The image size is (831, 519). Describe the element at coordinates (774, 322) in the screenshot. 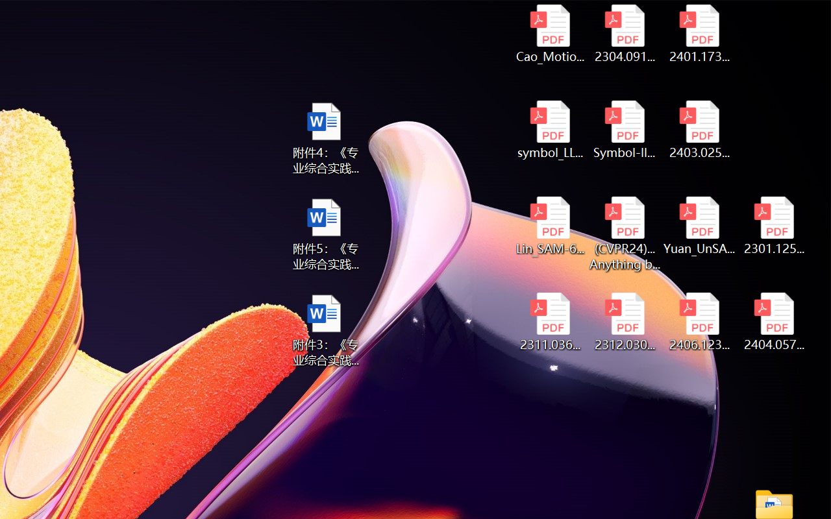

I see `'2404.05719v1.pdf'` at that location.